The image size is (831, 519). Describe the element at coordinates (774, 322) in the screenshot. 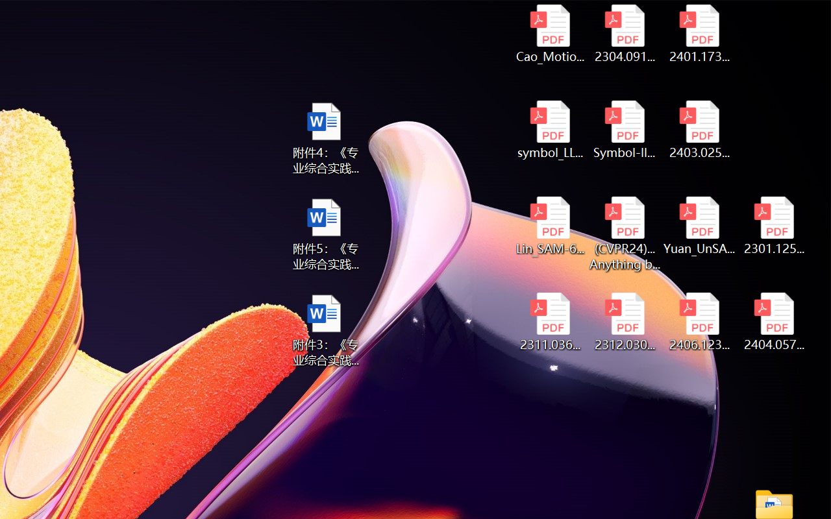

I see `'2404.05719v1.pdf'` at that location.